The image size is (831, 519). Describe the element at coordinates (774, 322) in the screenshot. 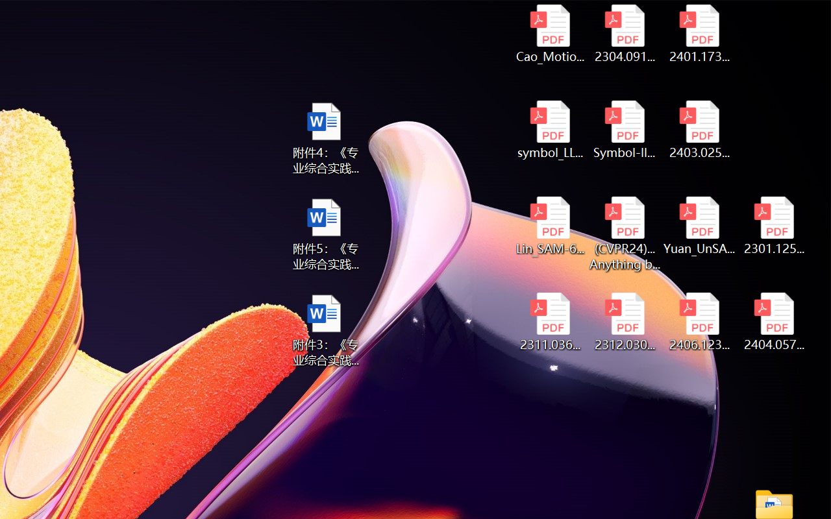

I see `'2404.05719v1.pdf'` at that location.